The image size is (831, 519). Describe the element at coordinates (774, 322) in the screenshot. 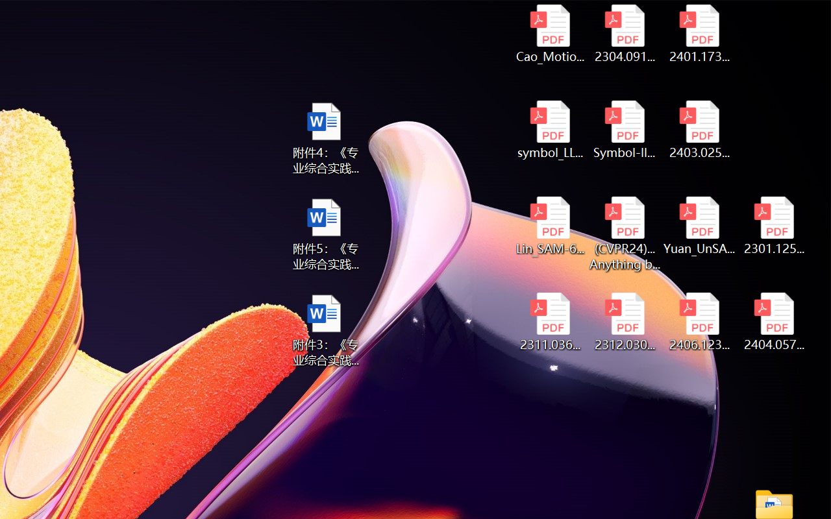

I see `'2404.05719v1.pdf'` at that location.